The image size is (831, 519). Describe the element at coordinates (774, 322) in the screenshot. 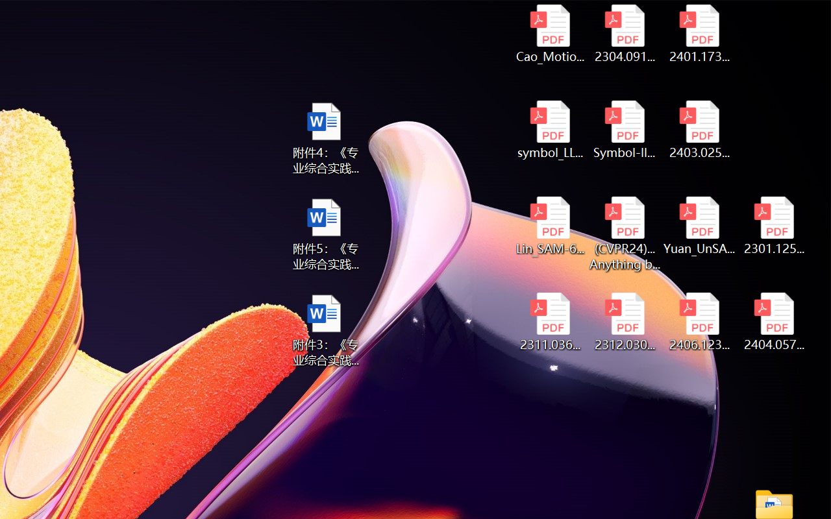

I see `'2404.05719v1.pdf'` at that location.